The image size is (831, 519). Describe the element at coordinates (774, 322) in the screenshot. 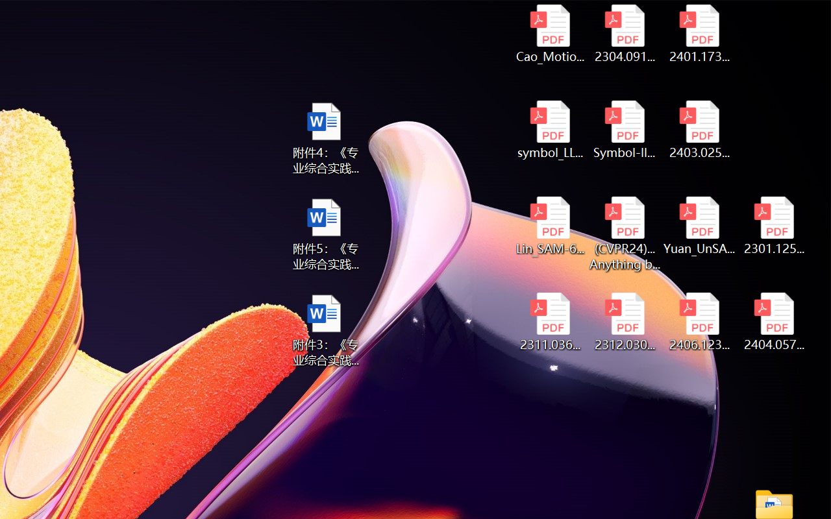

I see `'2404.05719v1.pdf'` at that location.